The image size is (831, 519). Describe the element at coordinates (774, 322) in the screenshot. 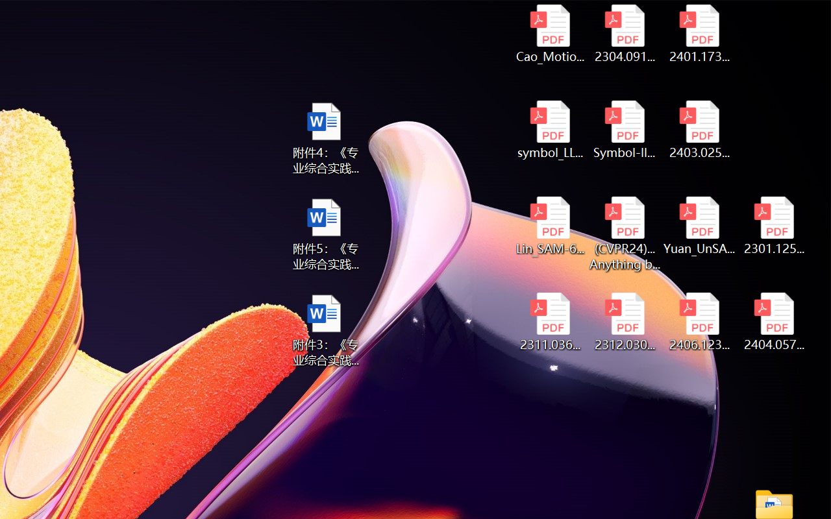

I see `'2404.05719v1.pdf'` at that location.